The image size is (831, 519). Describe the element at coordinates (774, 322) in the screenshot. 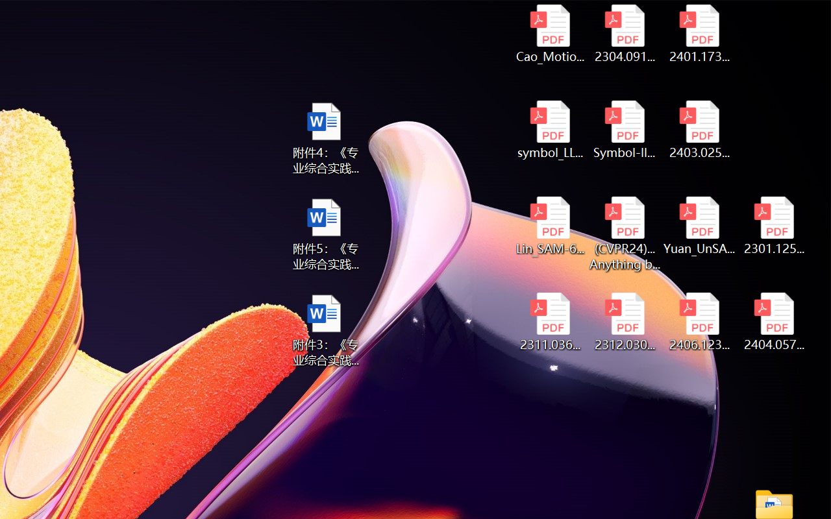

I see `'2404.05719v1.pdf'` at that location.